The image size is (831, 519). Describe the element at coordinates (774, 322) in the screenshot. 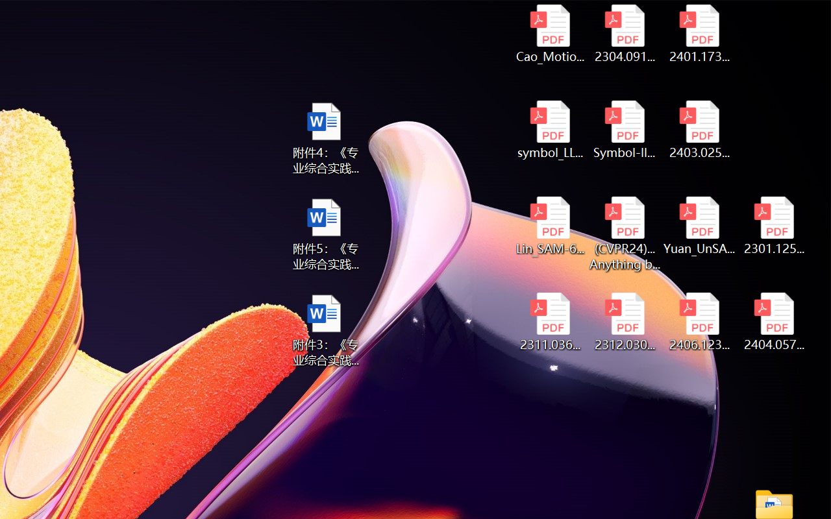

I see `'2404.05719v1.pdf'` at that location.